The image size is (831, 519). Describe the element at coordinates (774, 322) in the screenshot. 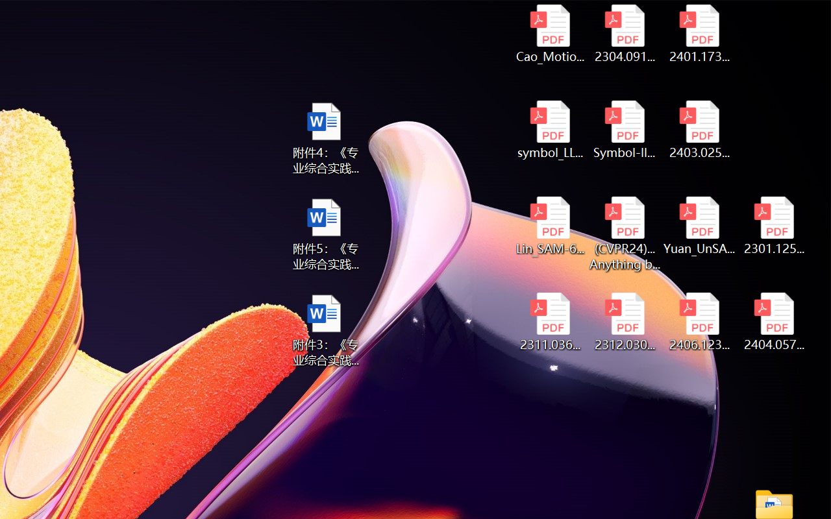

I see `'2404.05719v1.pdf'` at that location.